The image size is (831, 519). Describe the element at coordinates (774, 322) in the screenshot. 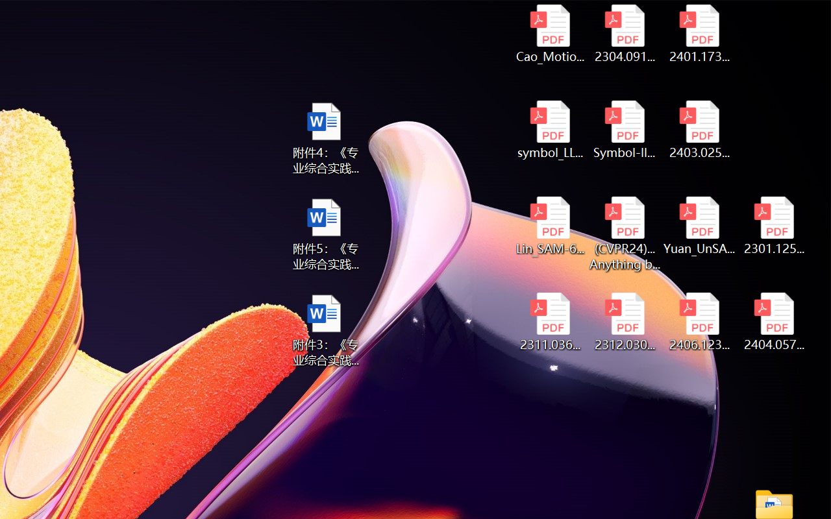

I see `'2404.05719v1.pdf'` at that location.